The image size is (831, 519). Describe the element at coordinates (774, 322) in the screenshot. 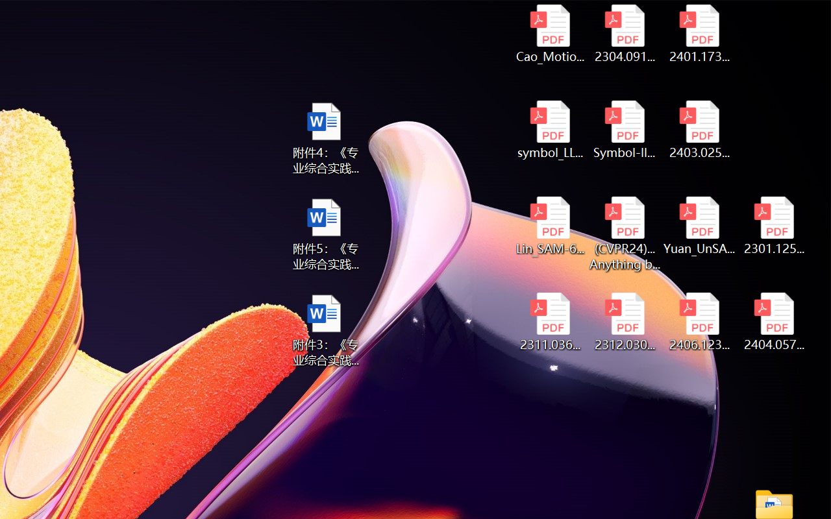

I see `'2404.05719v1.pdf'` at that location.